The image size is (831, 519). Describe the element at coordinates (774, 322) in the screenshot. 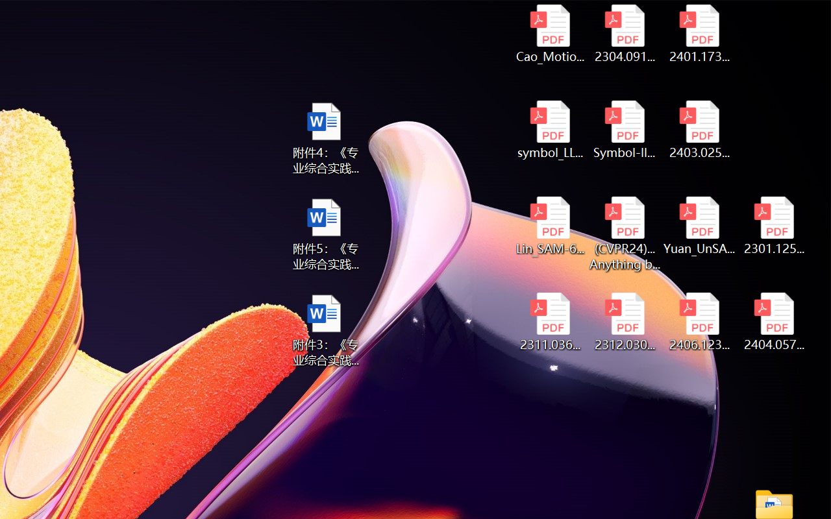

I see `'2404.05719v1.pdf'` at that location.